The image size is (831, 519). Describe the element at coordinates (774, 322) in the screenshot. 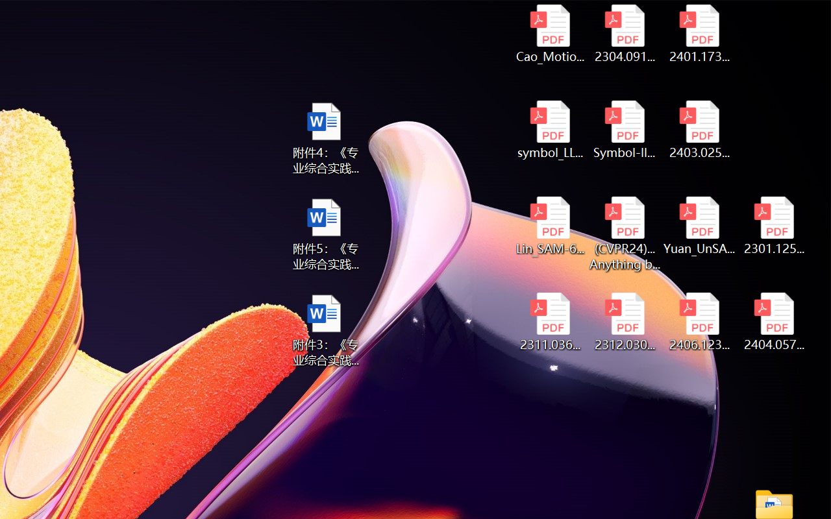

I see `'2404.05719v1.pdf'` at that location.